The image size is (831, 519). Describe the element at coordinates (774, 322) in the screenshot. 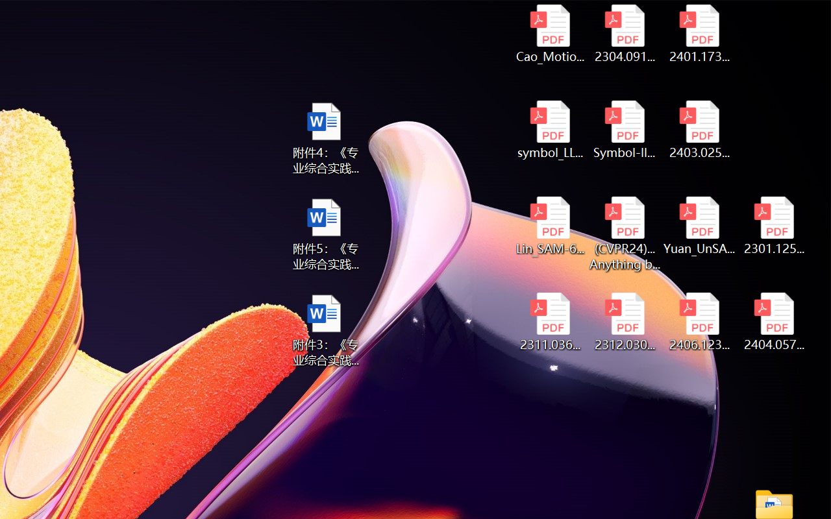

I see `'2404.05719v1.pdf'` at that location.